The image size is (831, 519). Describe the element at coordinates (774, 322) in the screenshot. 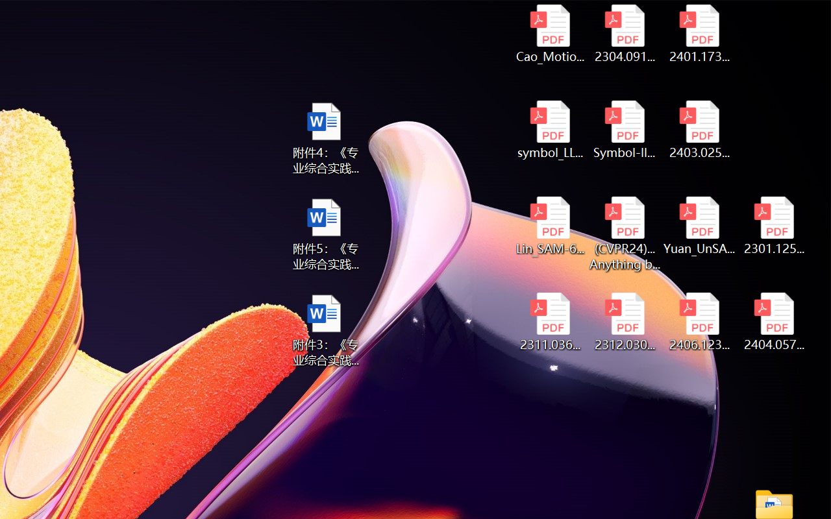

I see `'2404.05719v1.pdf'` at that location.